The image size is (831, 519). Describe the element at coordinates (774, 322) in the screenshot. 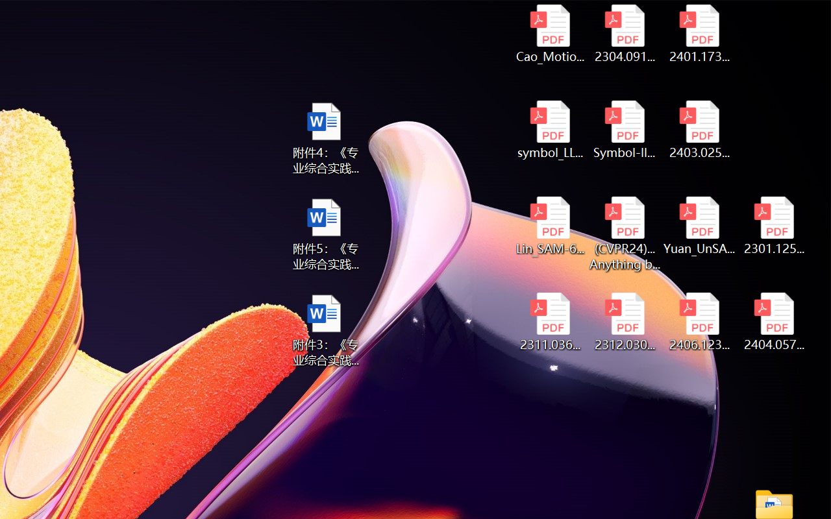

I see `'2404.05719v1.pdf'` at that location.